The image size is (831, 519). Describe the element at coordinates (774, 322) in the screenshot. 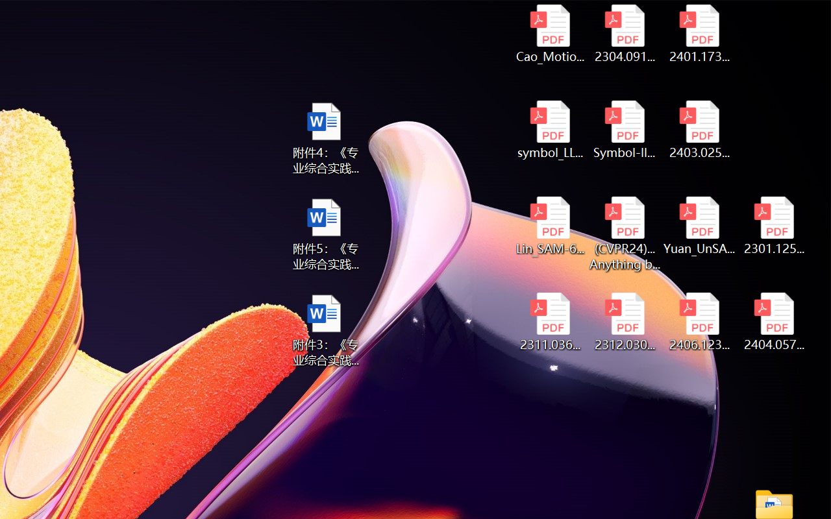

I see `'2404.05719v1.pdf'` at that location.